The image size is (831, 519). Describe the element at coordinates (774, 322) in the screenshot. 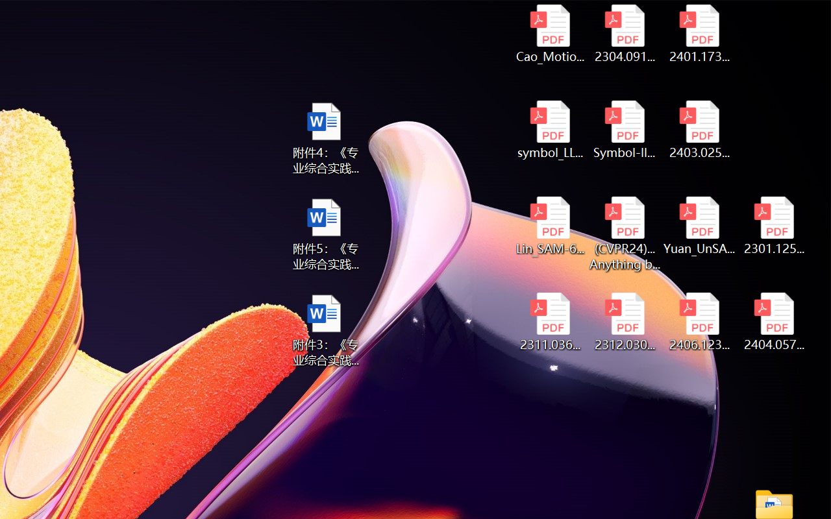

I see `'2404.05719v1.pdf'` at that location.